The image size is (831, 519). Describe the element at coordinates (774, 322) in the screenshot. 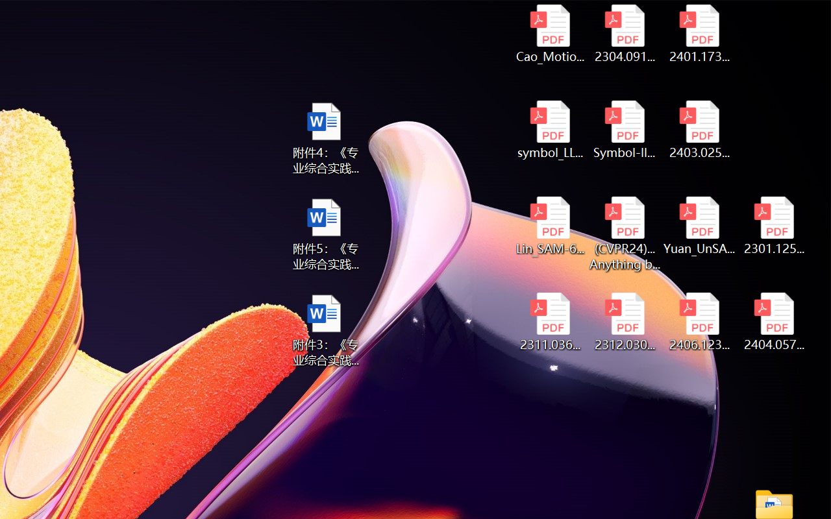

I see `'2404.05719v1.pdf'` at that location.